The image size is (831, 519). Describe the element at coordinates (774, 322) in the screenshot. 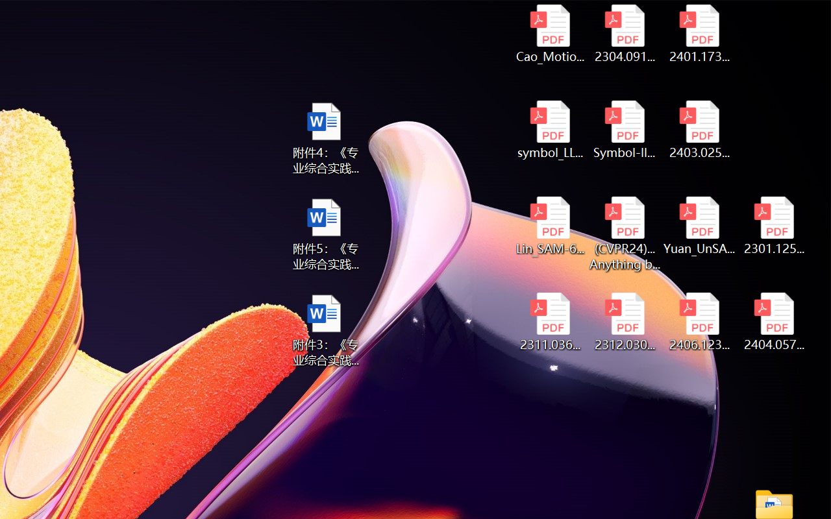

I see `'2404.05719v1.pdf'` at that location.